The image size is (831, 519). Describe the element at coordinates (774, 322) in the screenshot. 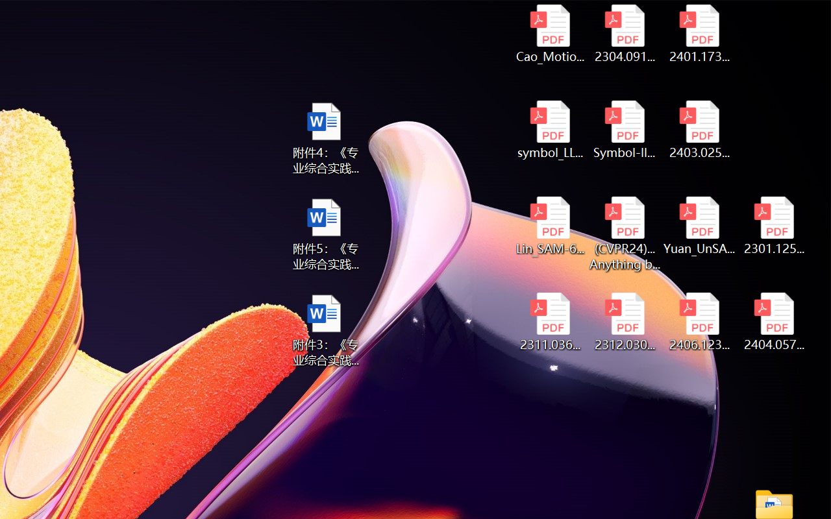

I see `'2404.05719v1.pdf'` at that location.